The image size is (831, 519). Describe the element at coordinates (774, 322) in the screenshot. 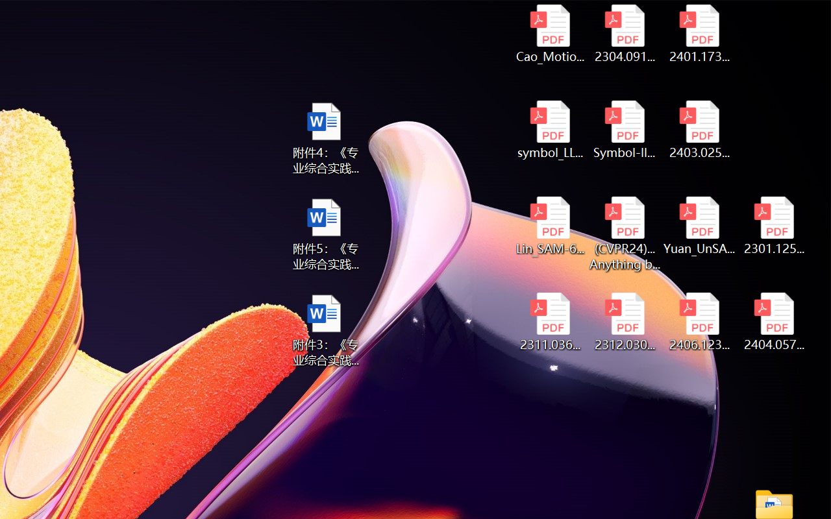

I see `'2404.05719v1.pdf'` at that location.